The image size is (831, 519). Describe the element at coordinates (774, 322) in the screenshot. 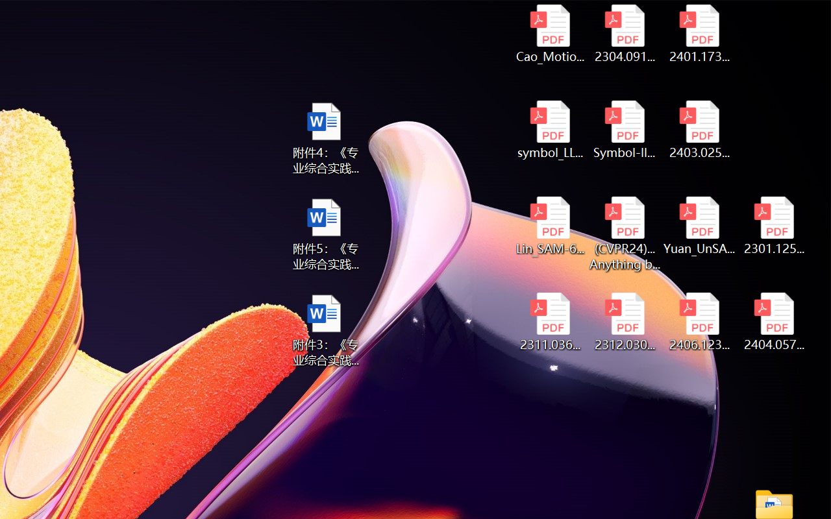

I see `'2404.05719v1.pdf'` at that location.